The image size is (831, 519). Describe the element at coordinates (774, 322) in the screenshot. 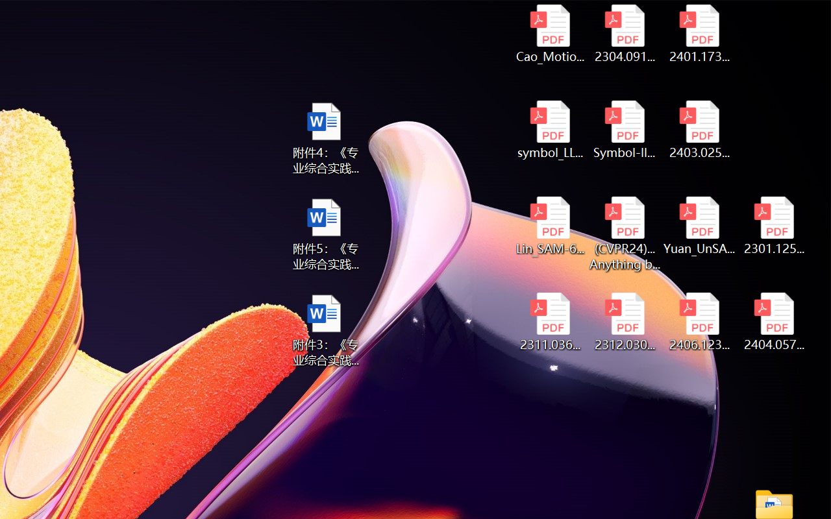

I see `'2404.05719v1.pdf'` at that location.